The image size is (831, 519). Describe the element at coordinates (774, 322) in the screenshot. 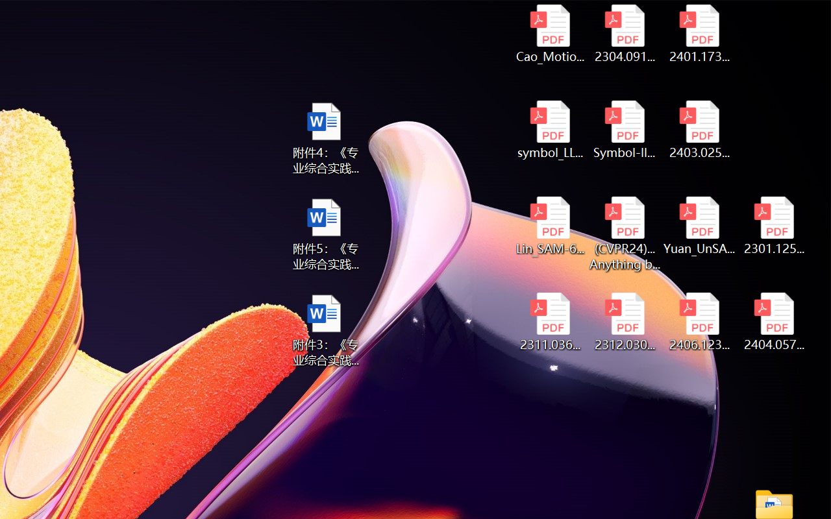

I see `'2404.05719v1.pdf'` at that location.